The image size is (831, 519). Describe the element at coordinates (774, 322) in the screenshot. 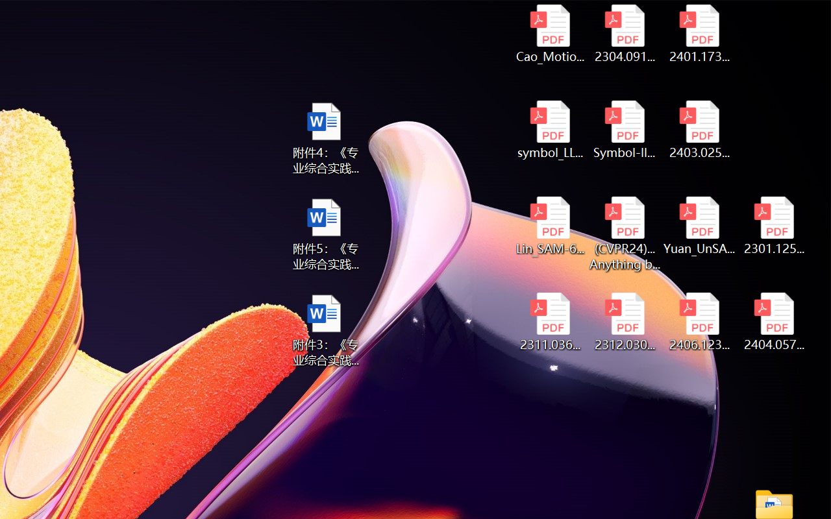

I see `'2404.05719v1.pdf'` at that location.